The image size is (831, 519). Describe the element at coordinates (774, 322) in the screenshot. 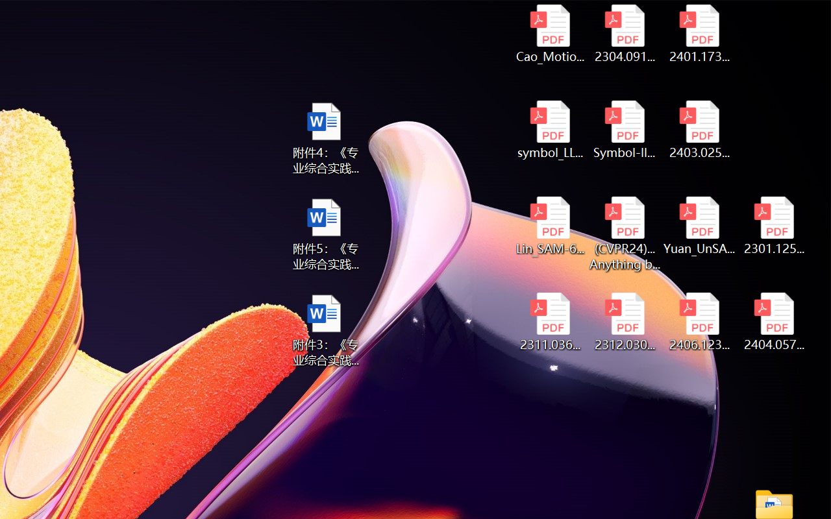

I see `'2404.05719v1.pdf'` at that location.